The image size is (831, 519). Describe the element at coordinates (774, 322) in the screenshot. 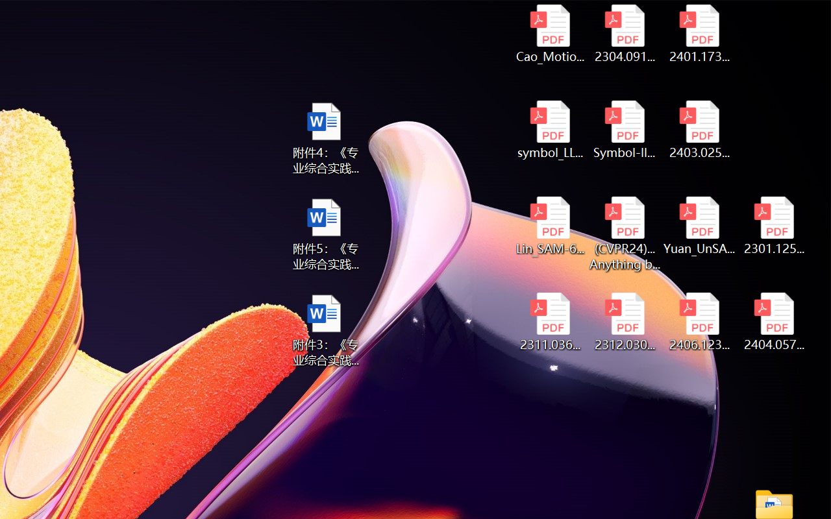

I see `'2404.05719v1.pdf'` at that location.